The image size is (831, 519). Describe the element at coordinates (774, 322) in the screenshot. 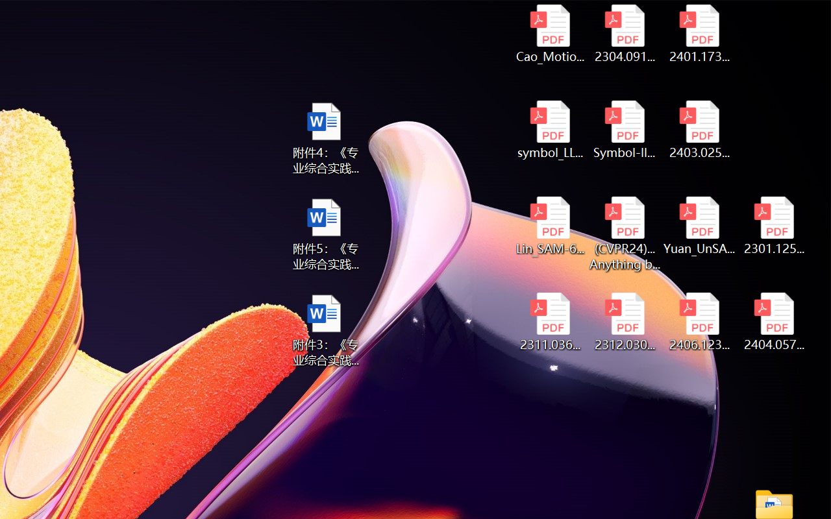

I see `'2404.05719v1.pdf'` at that location.